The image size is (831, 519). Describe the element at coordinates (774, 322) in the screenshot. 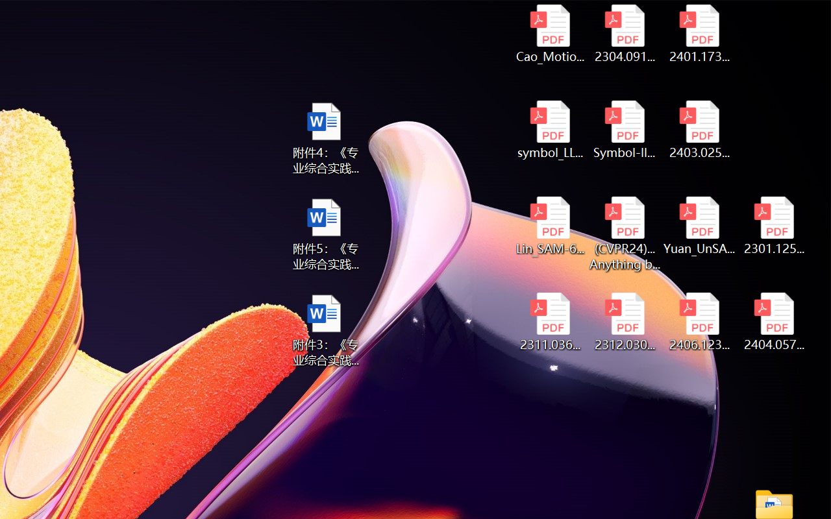

I see `'2404.05719v1.pdf'` at that location.